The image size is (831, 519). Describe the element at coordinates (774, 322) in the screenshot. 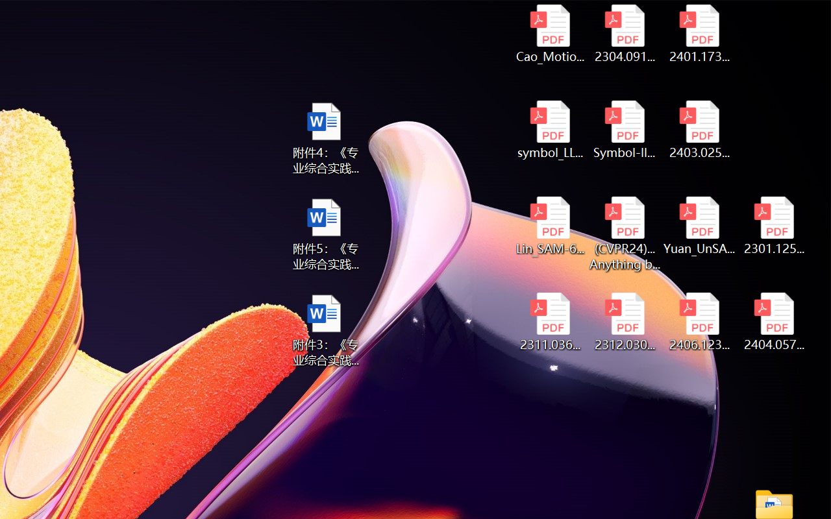

I see `'2404.05719v1.pdf'` at that location.